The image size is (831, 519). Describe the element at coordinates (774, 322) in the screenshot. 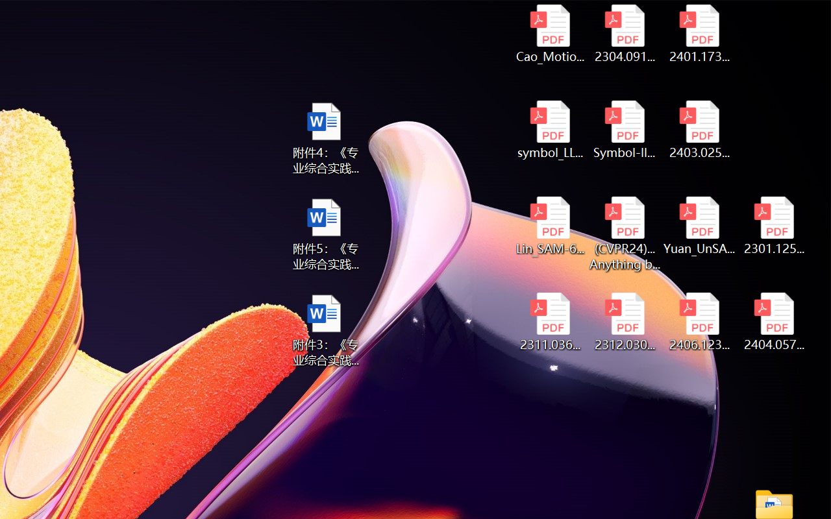

I see `'2404.05719v1.pdf'` at that location.